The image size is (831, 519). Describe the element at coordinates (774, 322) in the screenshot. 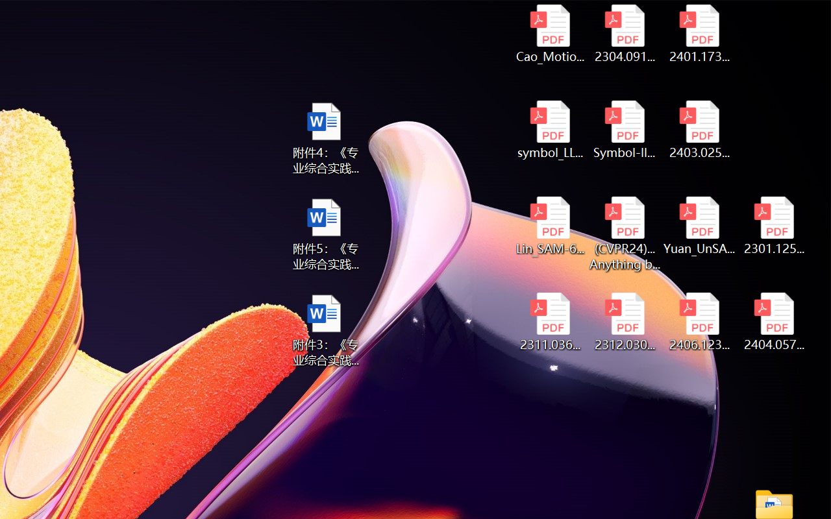

I see `'2404.05719v1.pdf'` at that location.